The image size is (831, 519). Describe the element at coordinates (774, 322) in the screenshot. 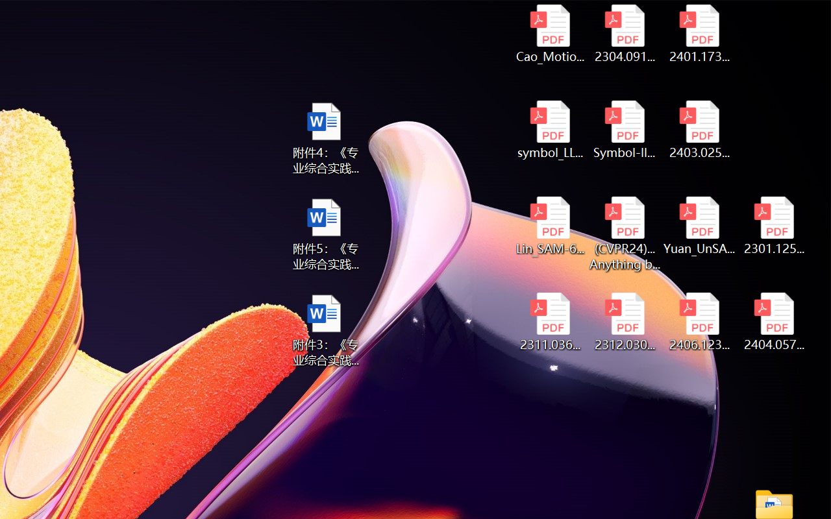

I see `'2404.05719v1.pdf'` at that location.